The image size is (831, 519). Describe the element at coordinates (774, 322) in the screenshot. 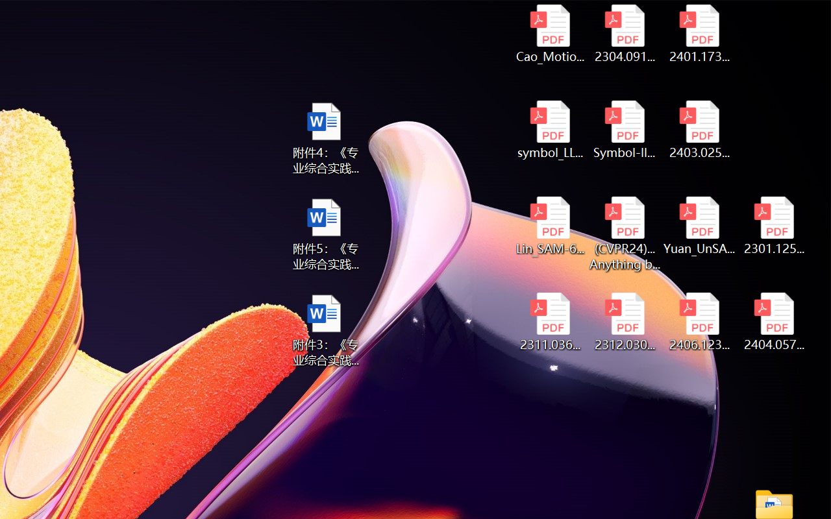

I see `'2404.05719v1.pdf'` at that location.